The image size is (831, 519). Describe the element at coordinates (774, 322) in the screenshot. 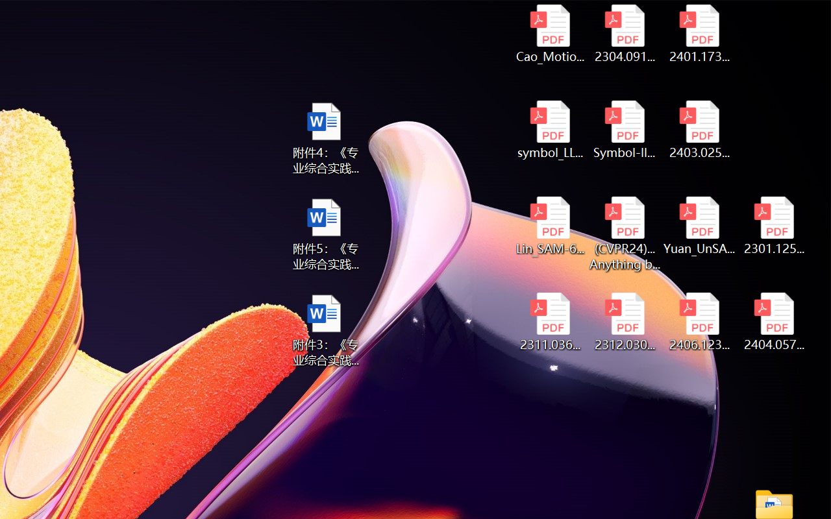

I see `'2404.05719v1.pdf'` at that location.